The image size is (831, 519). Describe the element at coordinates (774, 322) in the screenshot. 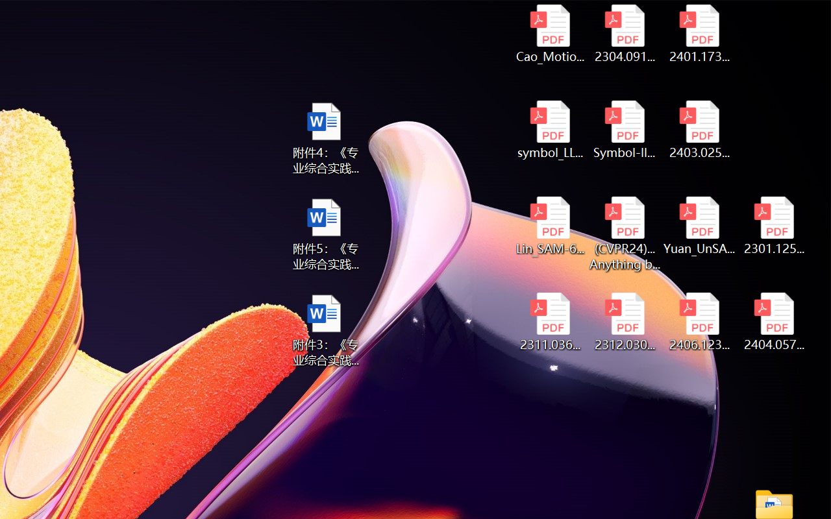

I see `'2404.05719v1.pdf'` at that location.